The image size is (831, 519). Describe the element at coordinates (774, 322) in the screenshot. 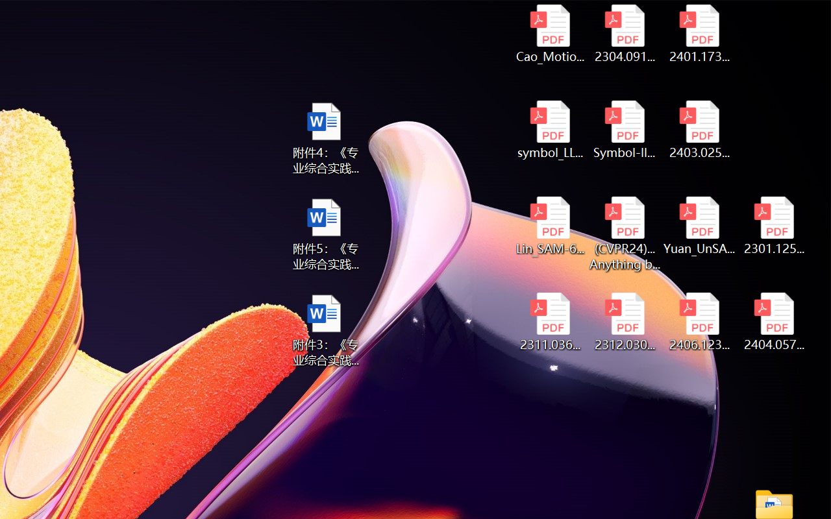

I see `'2404.05719v1.pdf'` at that location.